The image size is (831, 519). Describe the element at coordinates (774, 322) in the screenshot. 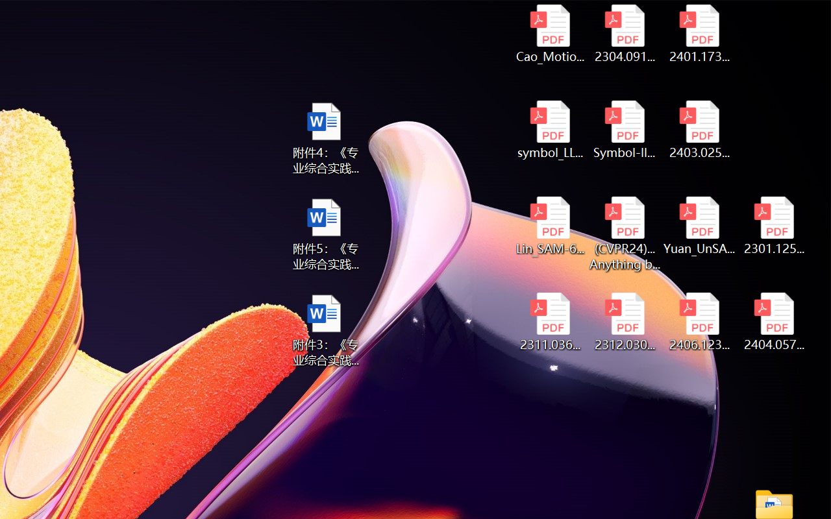

I see `'2404.05719v1.pdf'` at that location.